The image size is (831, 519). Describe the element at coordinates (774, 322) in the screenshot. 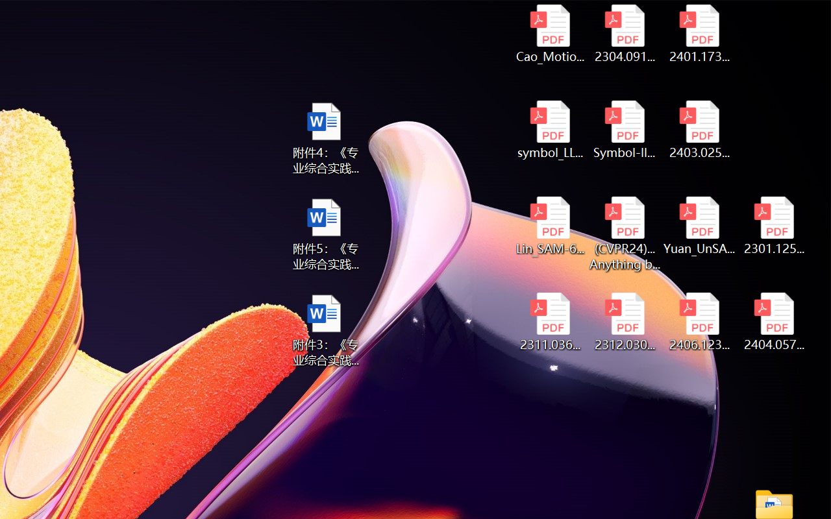

I see `'2404.05719v1.pdf'` at that location.